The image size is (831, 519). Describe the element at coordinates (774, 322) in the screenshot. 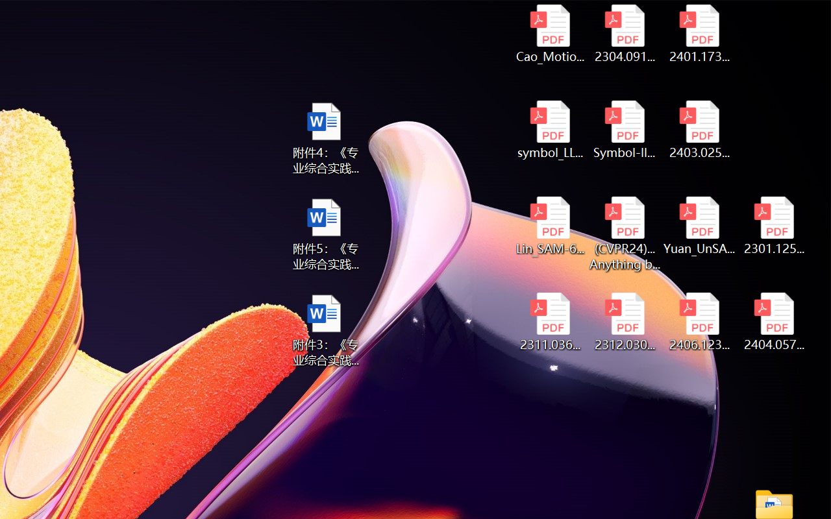

I see `'2404.05719v1.pdf'` at that location.